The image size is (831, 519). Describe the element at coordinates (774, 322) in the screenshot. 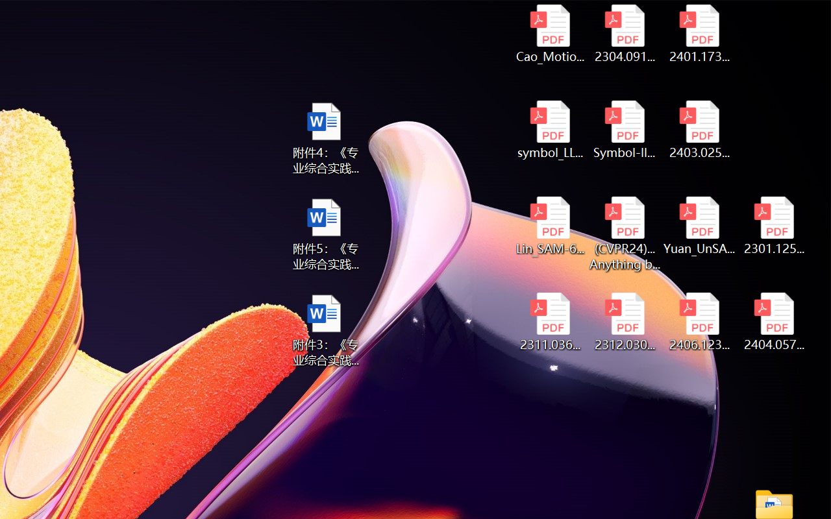

I see `'2404.05719v1.pdf'` at that location.